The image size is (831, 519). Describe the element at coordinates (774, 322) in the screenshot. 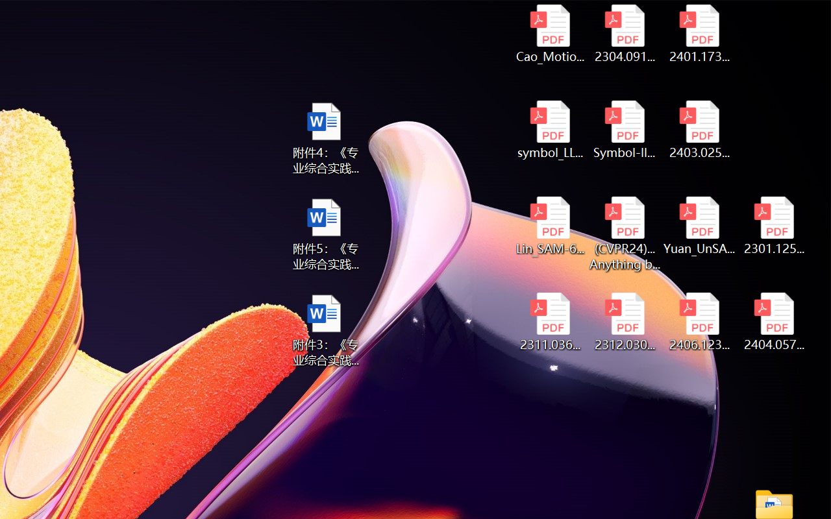

I see `'2404.05719v1.pdf'` at that location.